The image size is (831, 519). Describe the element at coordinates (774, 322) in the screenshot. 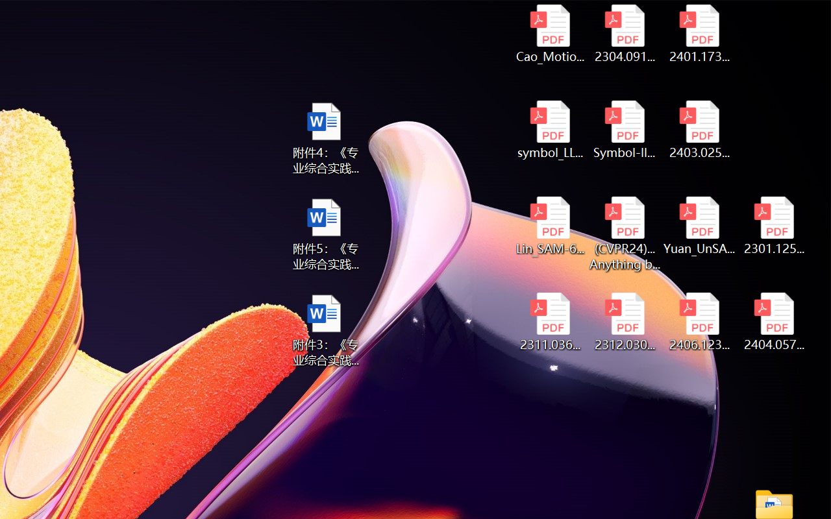

I see `'2404.05719v1.pdf'` at that location.